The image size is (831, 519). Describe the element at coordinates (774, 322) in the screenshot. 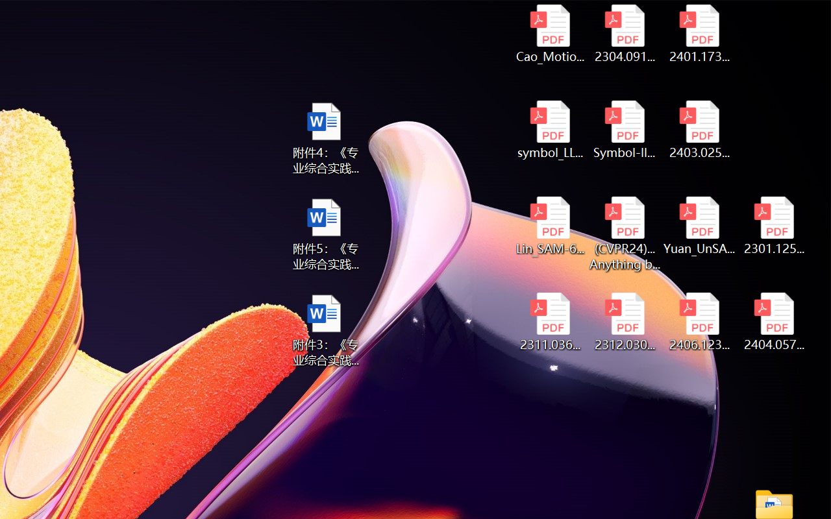

I see `'2404.05719v1.pdf'` at that location.